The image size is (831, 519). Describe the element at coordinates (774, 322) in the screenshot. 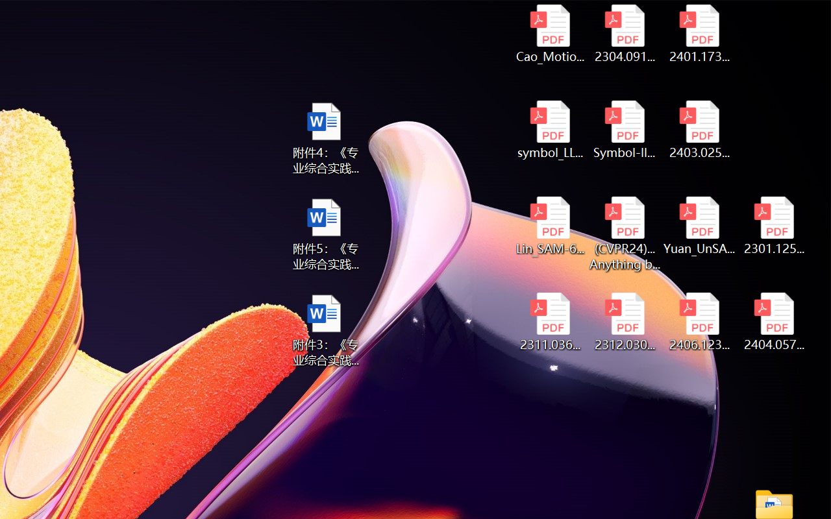

I see `'2404.05719v1.pdf'` at that location.